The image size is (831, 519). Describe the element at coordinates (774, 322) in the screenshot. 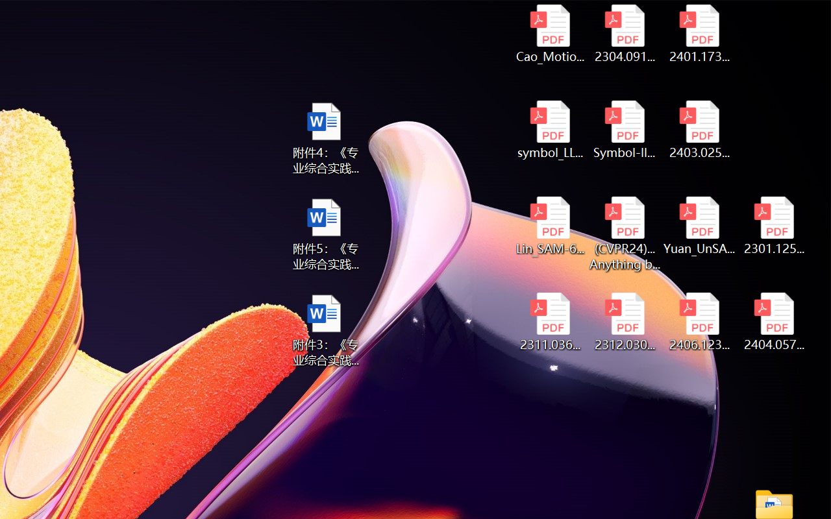

I see `'2404.05719v1.pdf'` at that location.